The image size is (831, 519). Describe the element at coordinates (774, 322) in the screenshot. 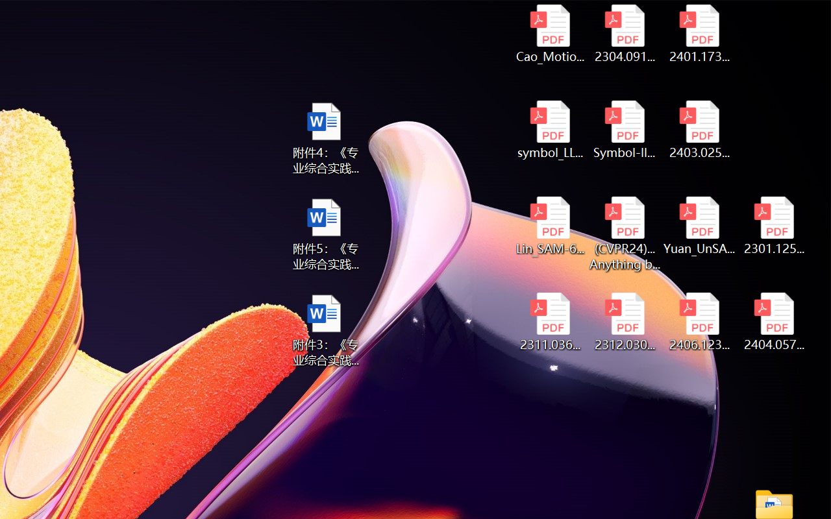

I see `'2404.05719v1.pdf'` at that location.